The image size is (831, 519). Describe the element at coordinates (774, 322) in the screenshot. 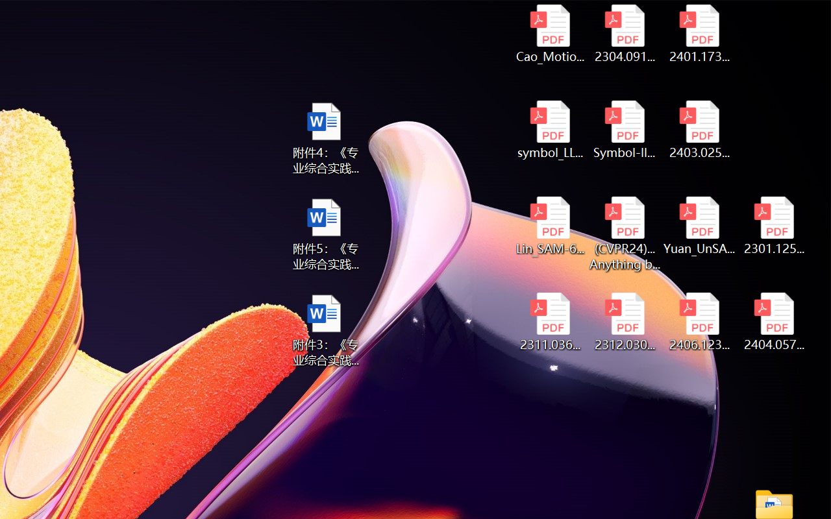

I see `'2404.05719v1.pdf'` at that location.